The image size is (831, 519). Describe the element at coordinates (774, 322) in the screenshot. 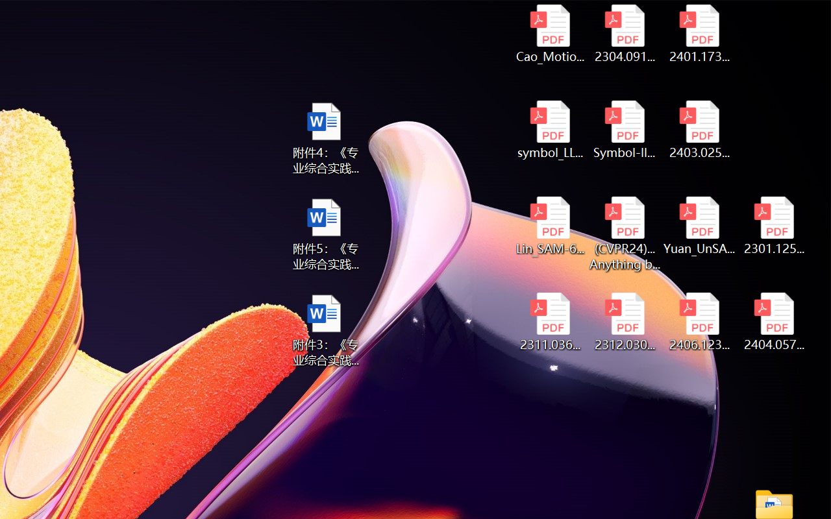

I see `'2404.05719v1.pdf'` at that location.